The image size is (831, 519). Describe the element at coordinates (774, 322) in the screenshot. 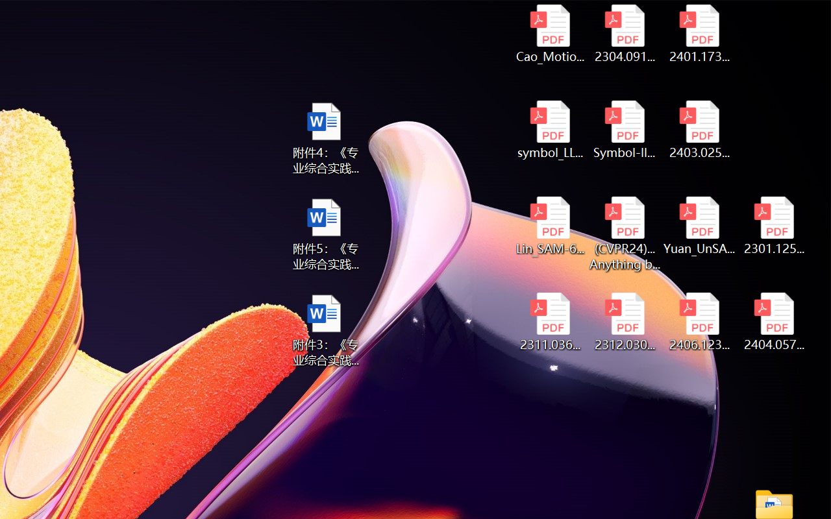

I see `'2404.05719v1.pdf'` at that location.